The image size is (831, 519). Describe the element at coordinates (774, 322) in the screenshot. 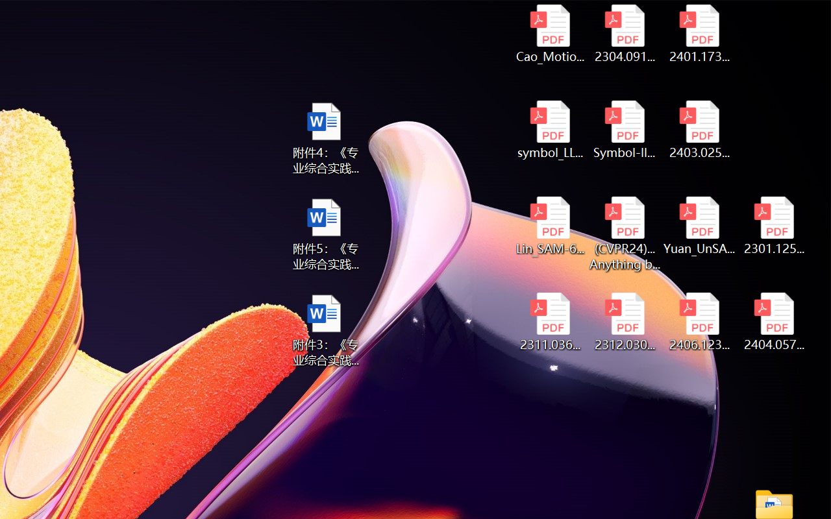

I see `'2404.05719v1.pdf'` at that location.